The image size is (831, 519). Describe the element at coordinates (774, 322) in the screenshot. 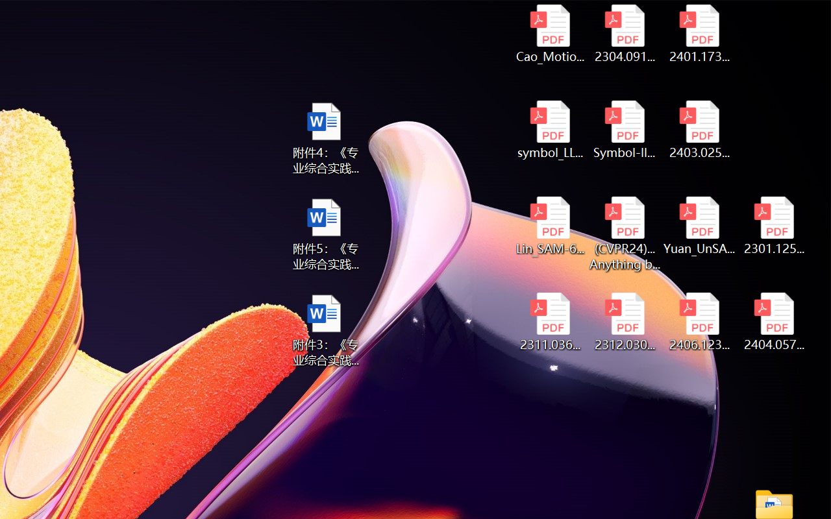

I see `'2404.05719v1.pdf'` at that location.